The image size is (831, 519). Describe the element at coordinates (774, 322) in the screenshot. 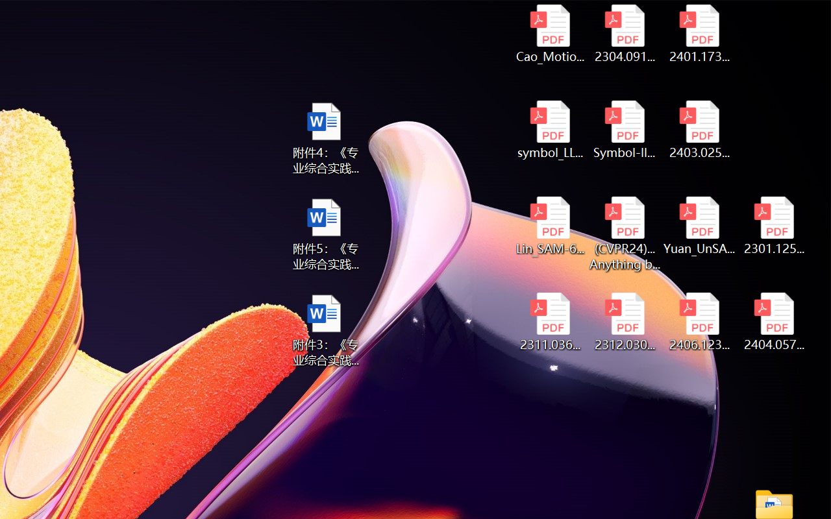

I see `'2404.05719v1.pdf'` at that location.